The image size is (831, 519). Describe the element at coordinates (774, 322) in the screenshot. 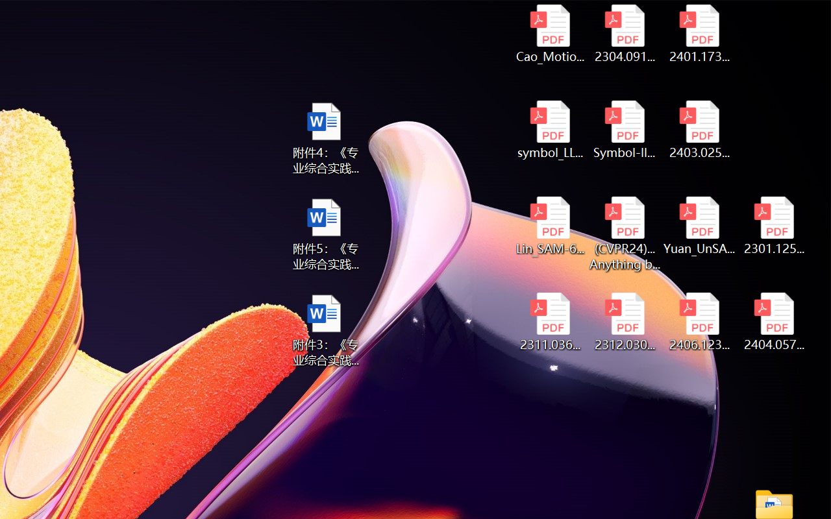

I see `'2404.05719v1.pdf'` at that location.